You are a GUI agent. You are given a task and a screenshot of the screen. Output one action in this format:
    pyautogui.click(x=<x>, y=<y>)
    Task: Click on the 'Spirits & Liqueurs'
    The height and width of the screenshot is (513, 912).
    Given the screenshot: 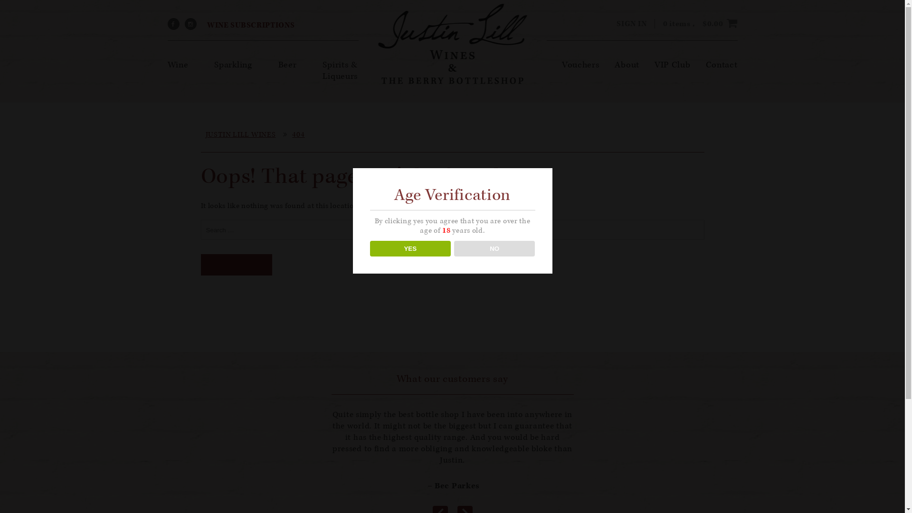 What is the action you would take?
    pyautogui.click(x=322, y=69)
    